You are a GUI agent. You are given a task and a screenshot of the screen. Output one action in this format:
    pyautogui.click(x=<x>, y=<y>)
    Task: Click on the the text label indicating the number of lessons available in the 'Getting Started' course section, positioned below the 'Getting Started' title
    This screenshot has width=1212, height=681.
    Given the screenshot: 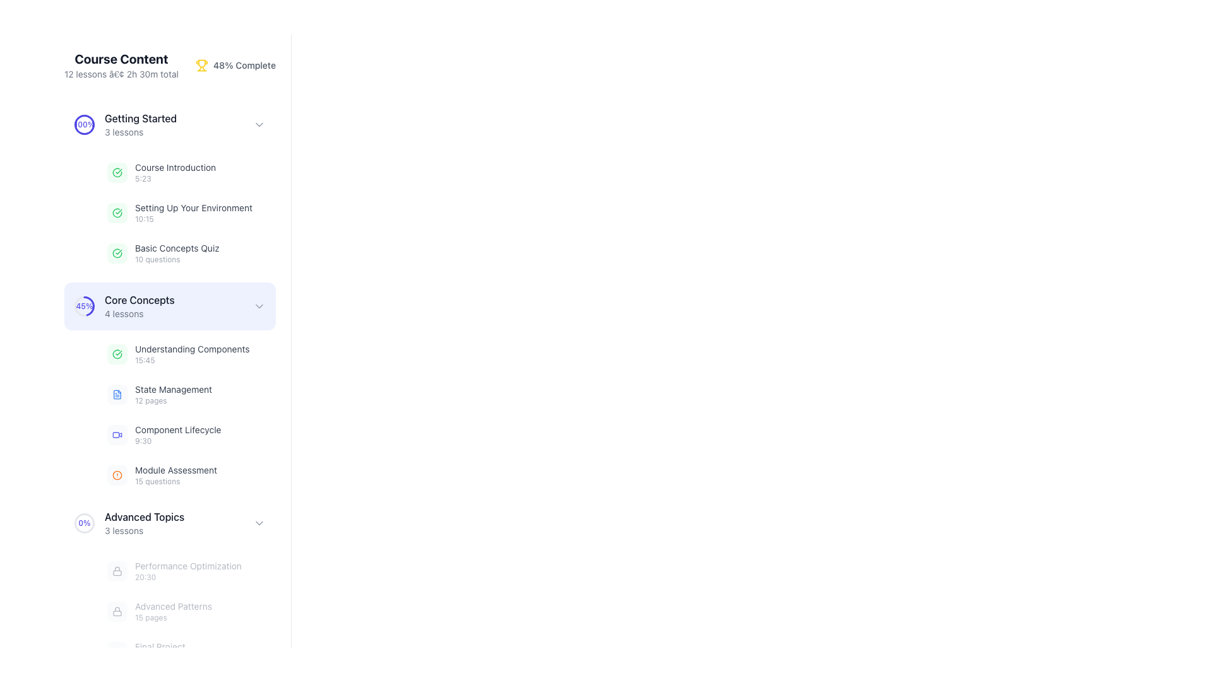 What is the action you would take?
    pyautogui.click(x=141, y=132)
    